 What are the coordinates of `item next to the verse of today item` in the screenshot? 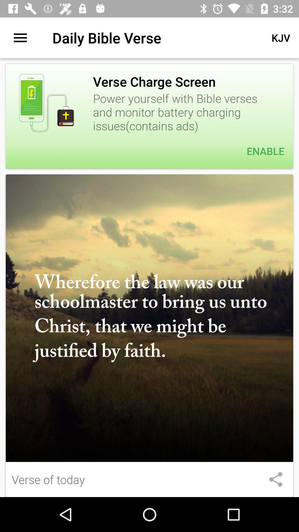 It's located at (275, 479).